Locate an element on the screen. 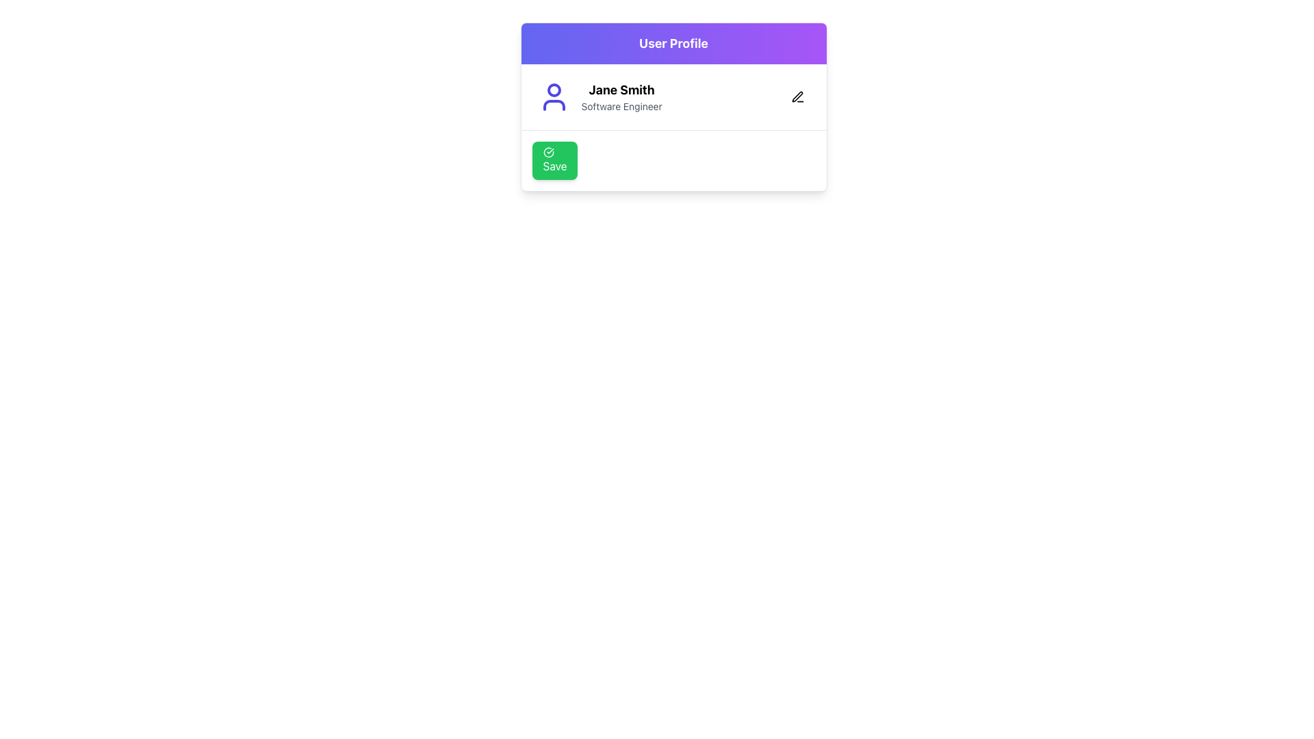 The height and width of the screenshot is (739, 1314). the user information text display that shows the name and title, positioned to the right of the user icon in the user profile card is located at coordinates (621, 96).